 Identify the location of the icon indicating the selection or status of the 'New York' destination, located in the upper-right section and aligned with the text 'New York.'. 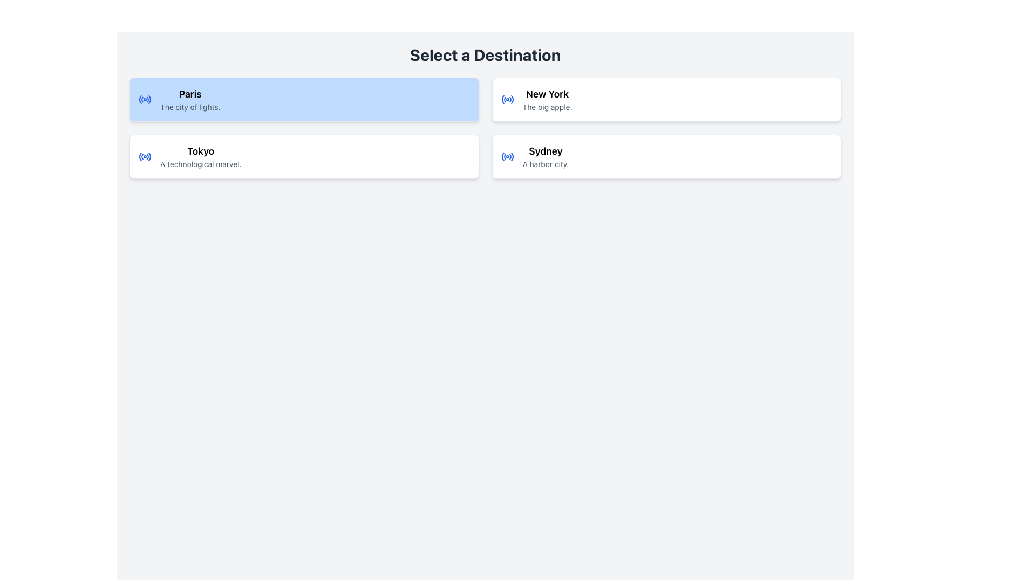
(507, 100).